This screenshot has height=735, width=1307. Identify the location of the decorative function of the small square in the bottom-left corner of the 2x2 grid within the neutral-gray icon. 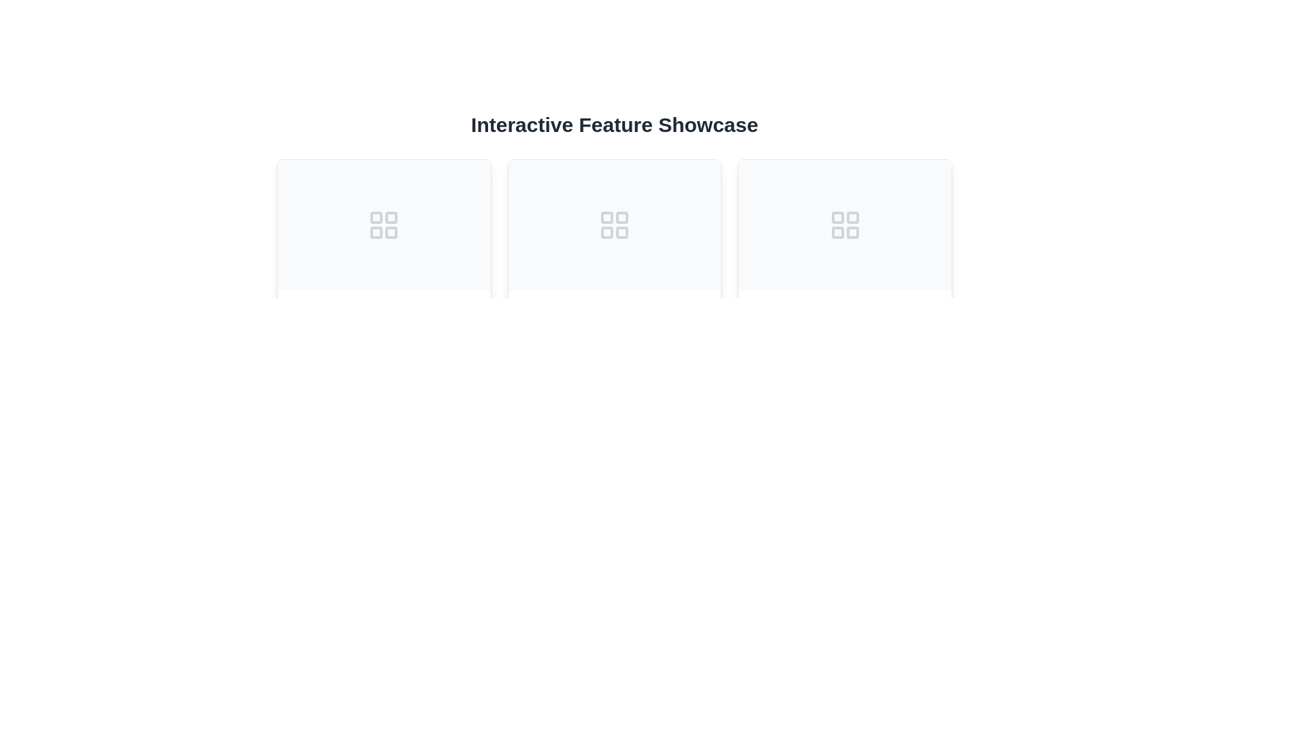
(607, 232).